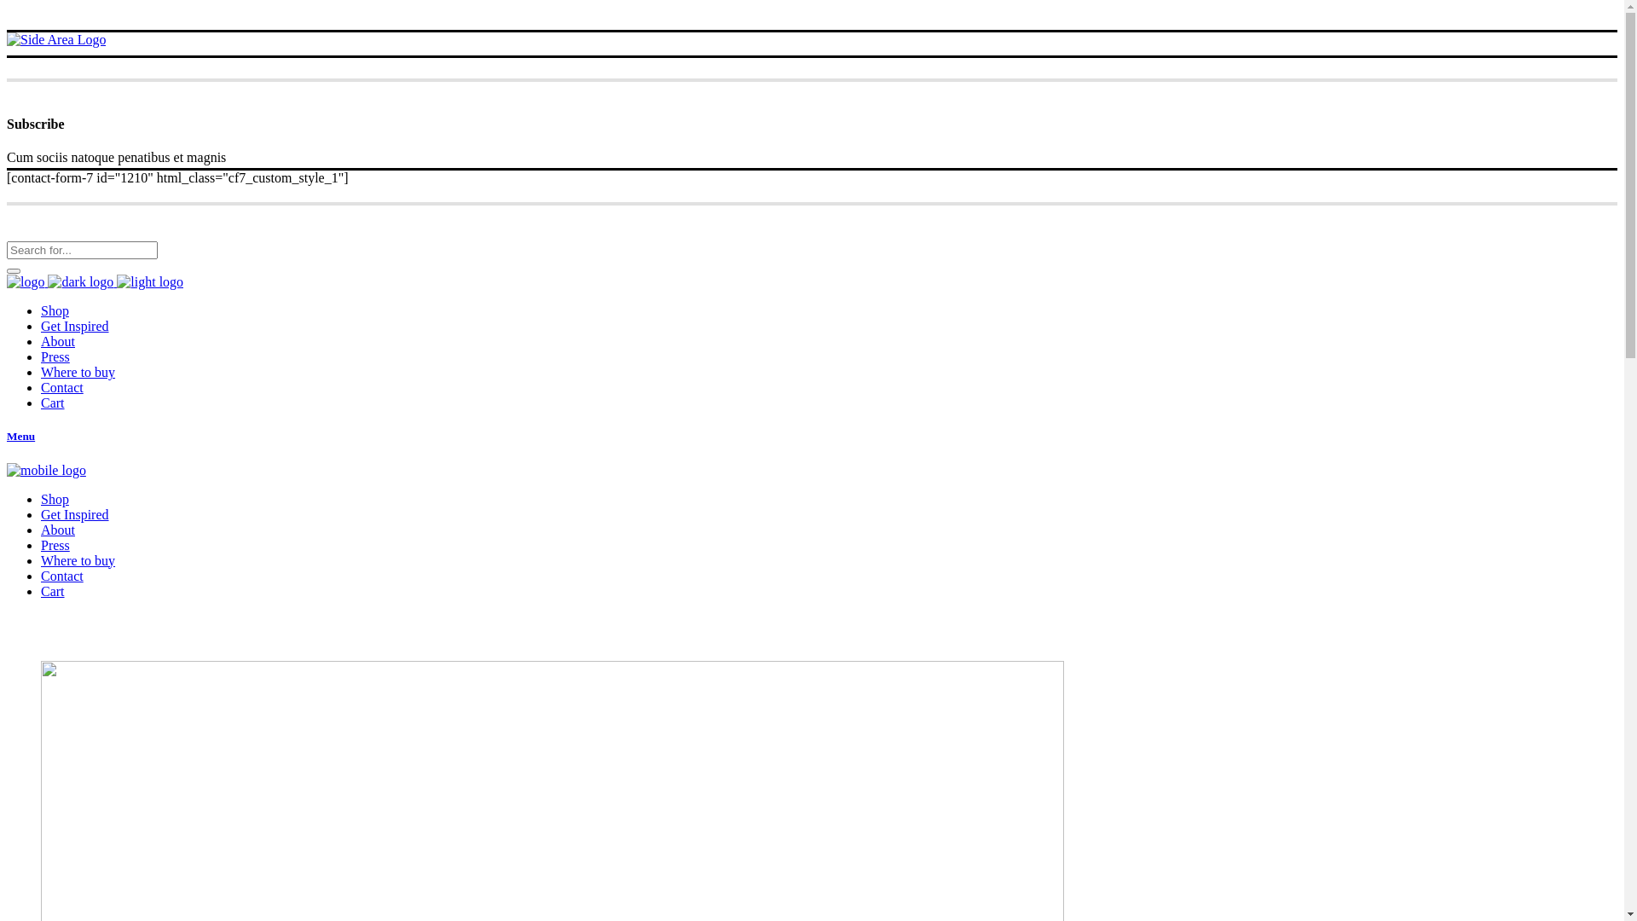 The width and height of the screenshot is (1637, 921). Describe the element at coordinates (57, 529) in the screenshot. I see `'About'` at that location.